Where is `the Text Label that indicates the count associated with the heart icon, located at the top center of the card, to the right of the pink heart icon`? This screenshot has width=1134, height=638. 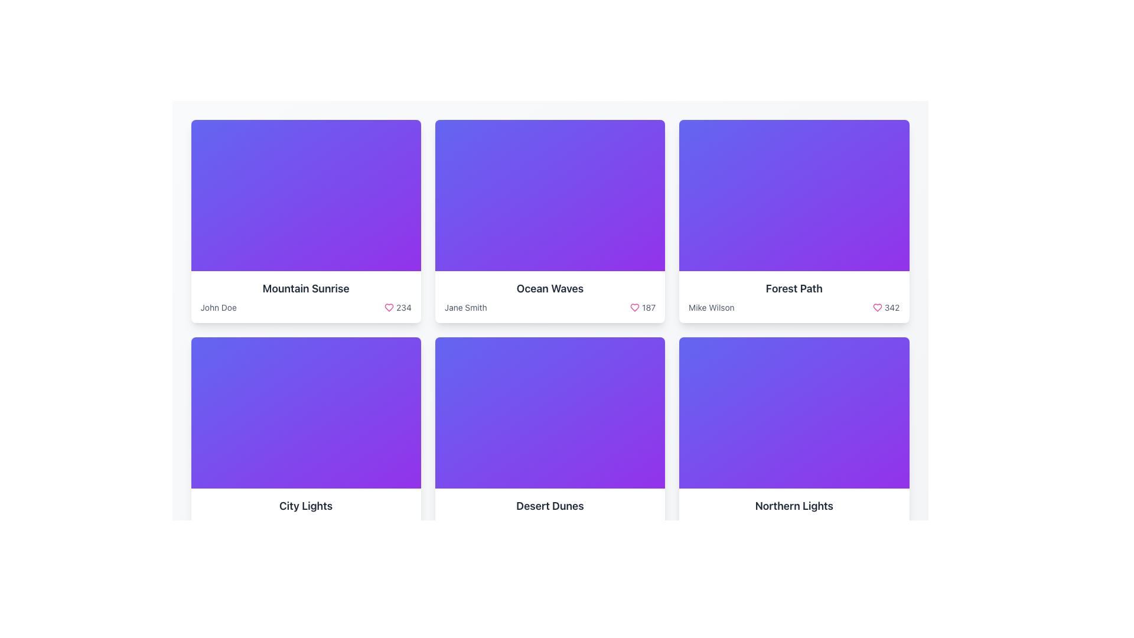
the Text Label that indicates the count associated with the heart icon, located at the top center of the card, to the right of the pink heart icon is located at coordinates (648, 307).